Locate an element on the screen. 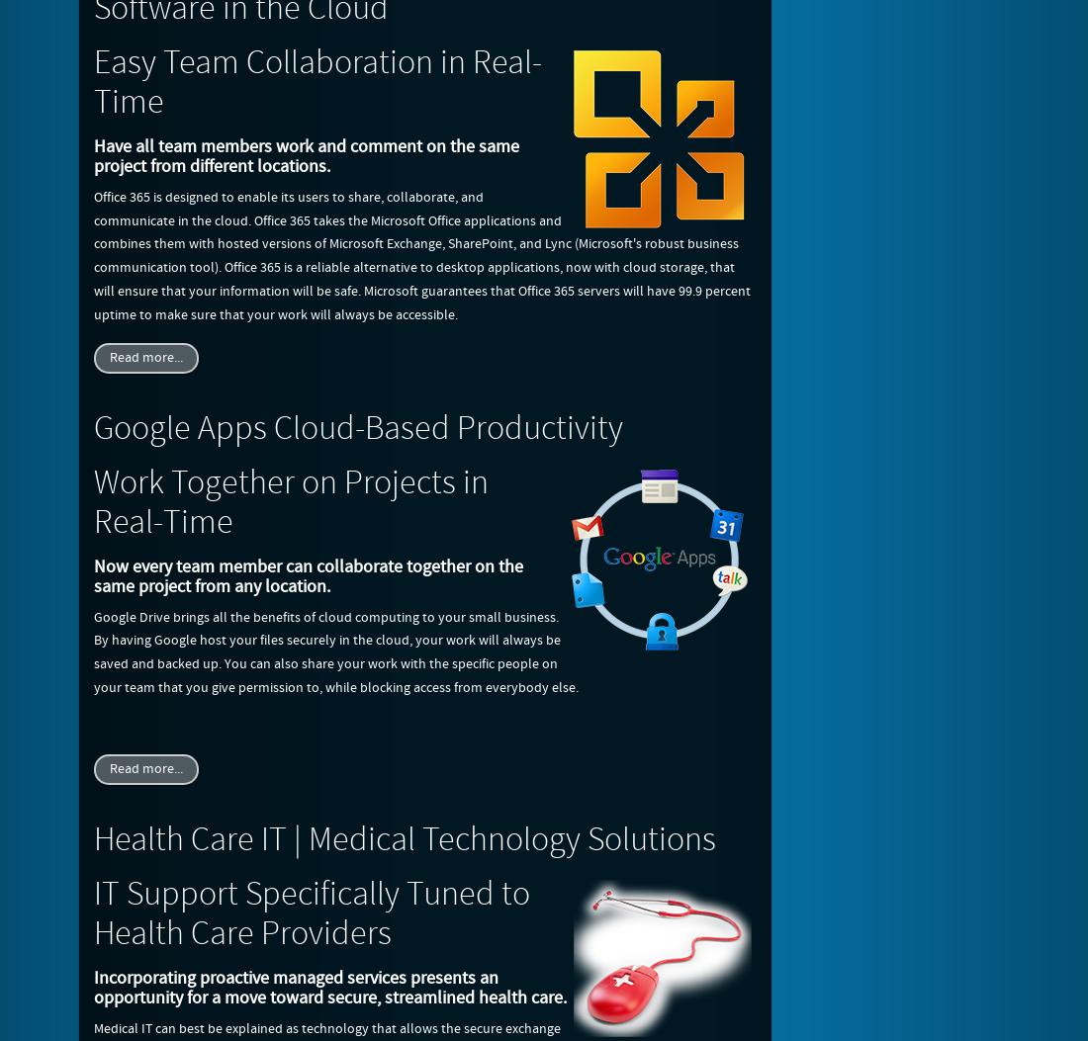  'Work Together on Projects in Real-Time' is located at coordinates (290, 501).